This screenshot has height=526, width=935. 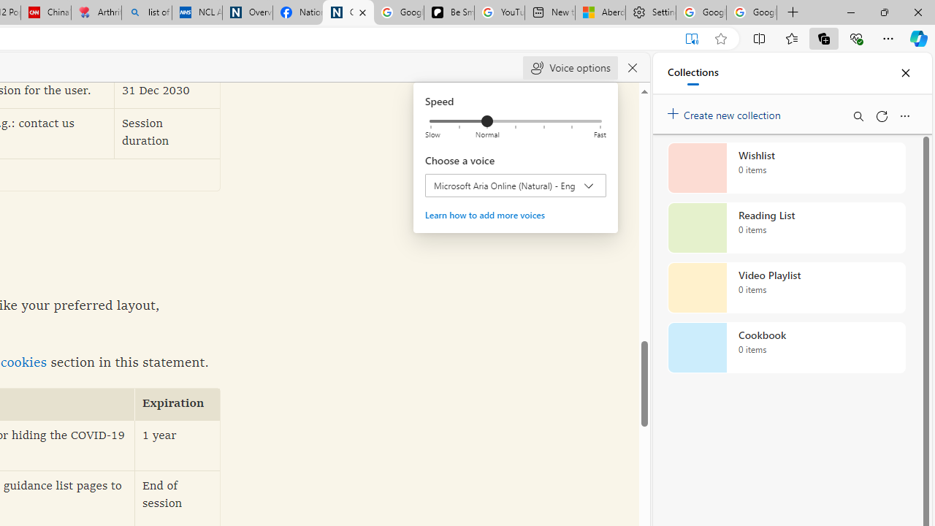 I want to click on 'Close read aloud', so click(x=632, y=67).